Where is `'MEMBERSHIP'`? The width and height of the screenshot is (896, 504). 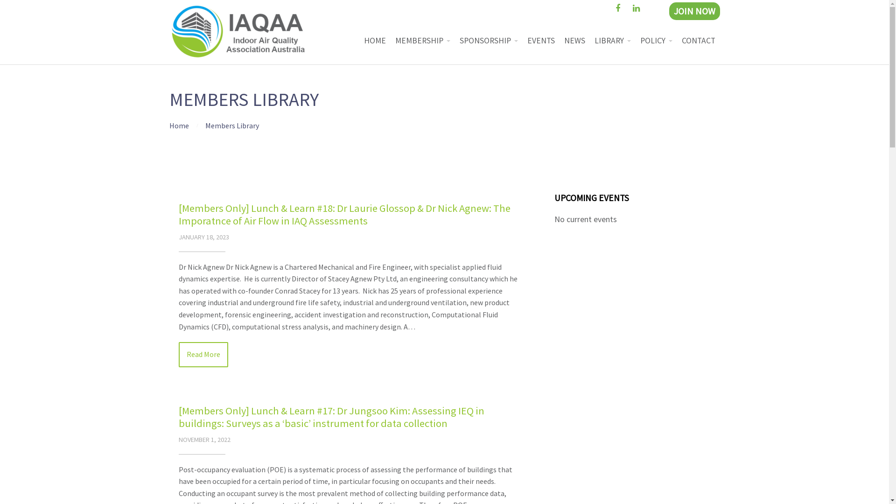 'MEMBERSHIP' is located at coordinates (422, 40).